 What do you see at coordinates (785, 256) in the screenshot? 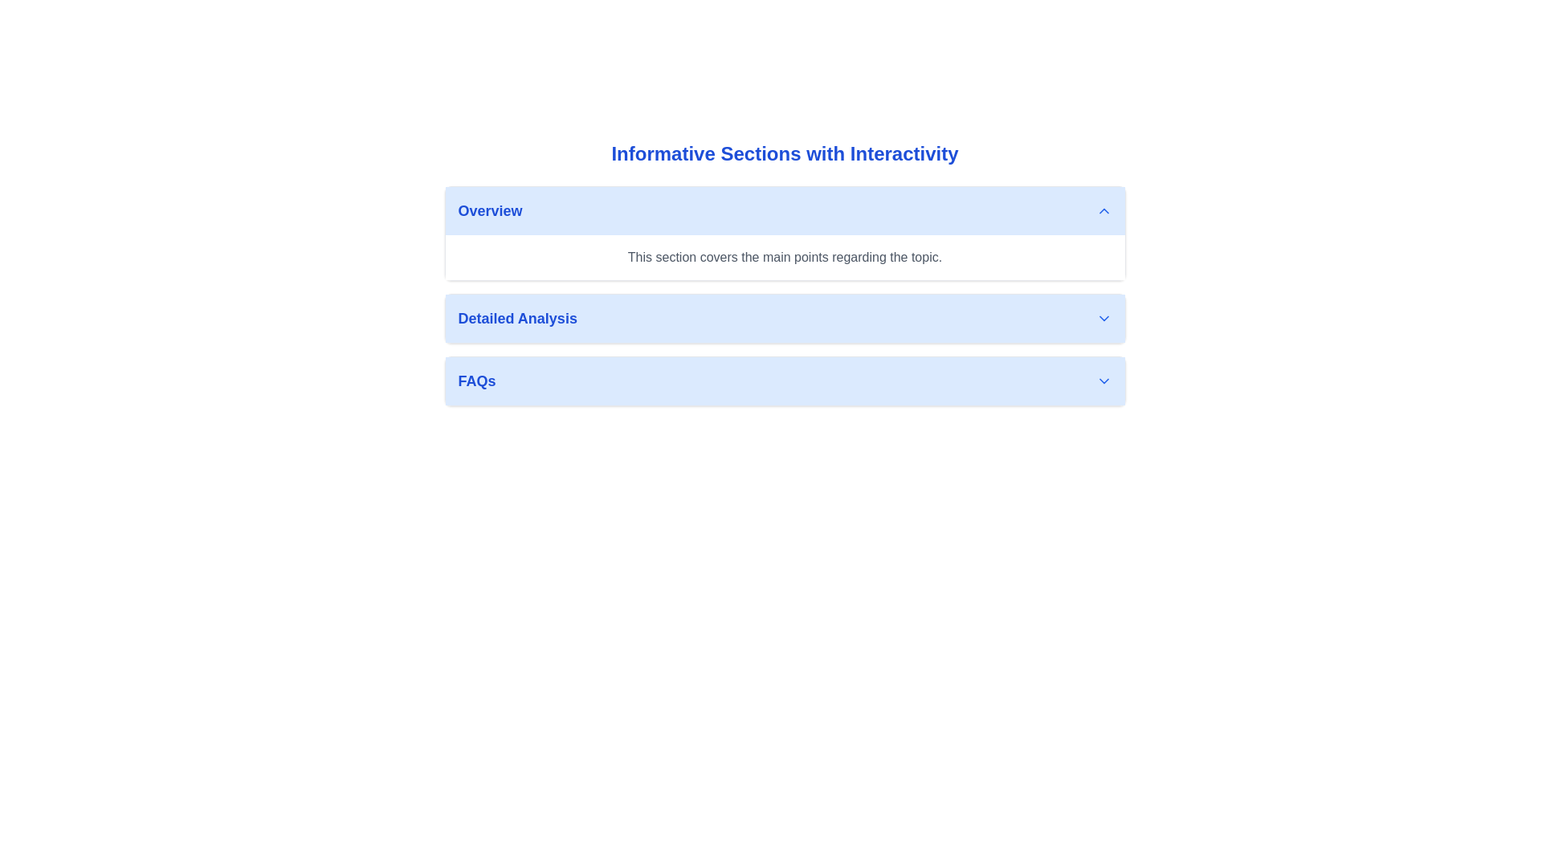
I see `the text label that reads 'This section covers the main points regarding the topic.' It is styled in a gray font within a white background, located under the blue header labeled 'Overview.'` at bounding box center [785, 256].